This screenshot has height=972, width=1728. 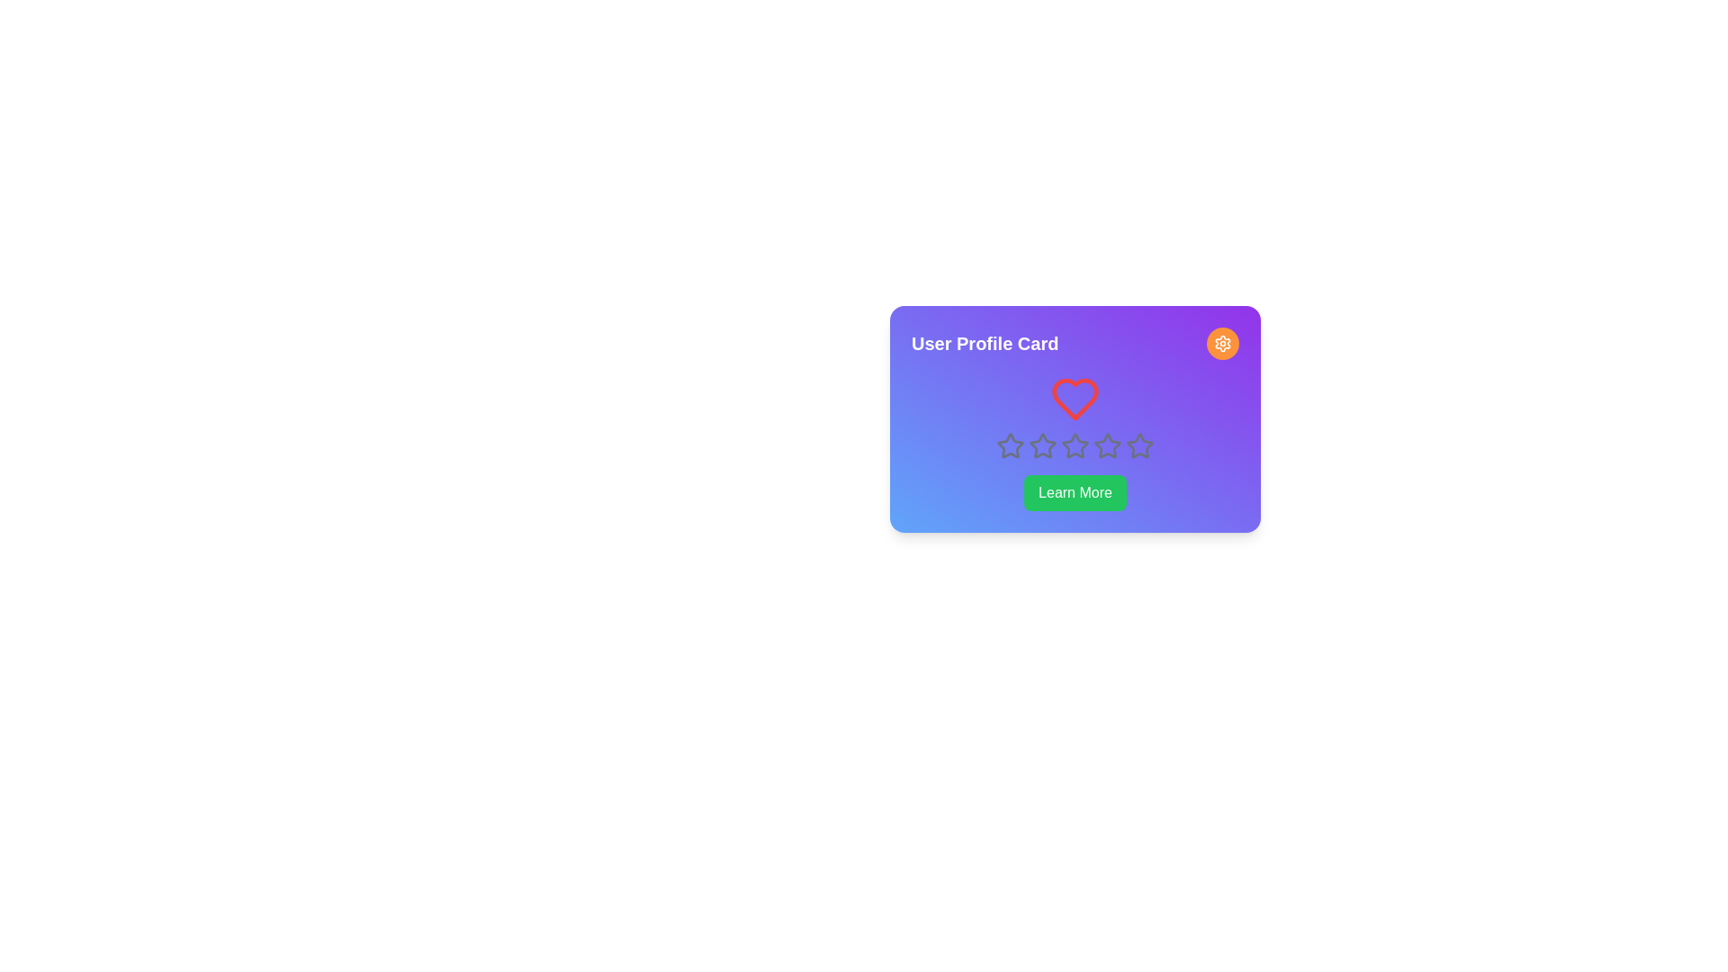 I want to click on the first star-shaped icon in the 5-star rating system located in the User Profile Card, so click(x=1011, y=445).